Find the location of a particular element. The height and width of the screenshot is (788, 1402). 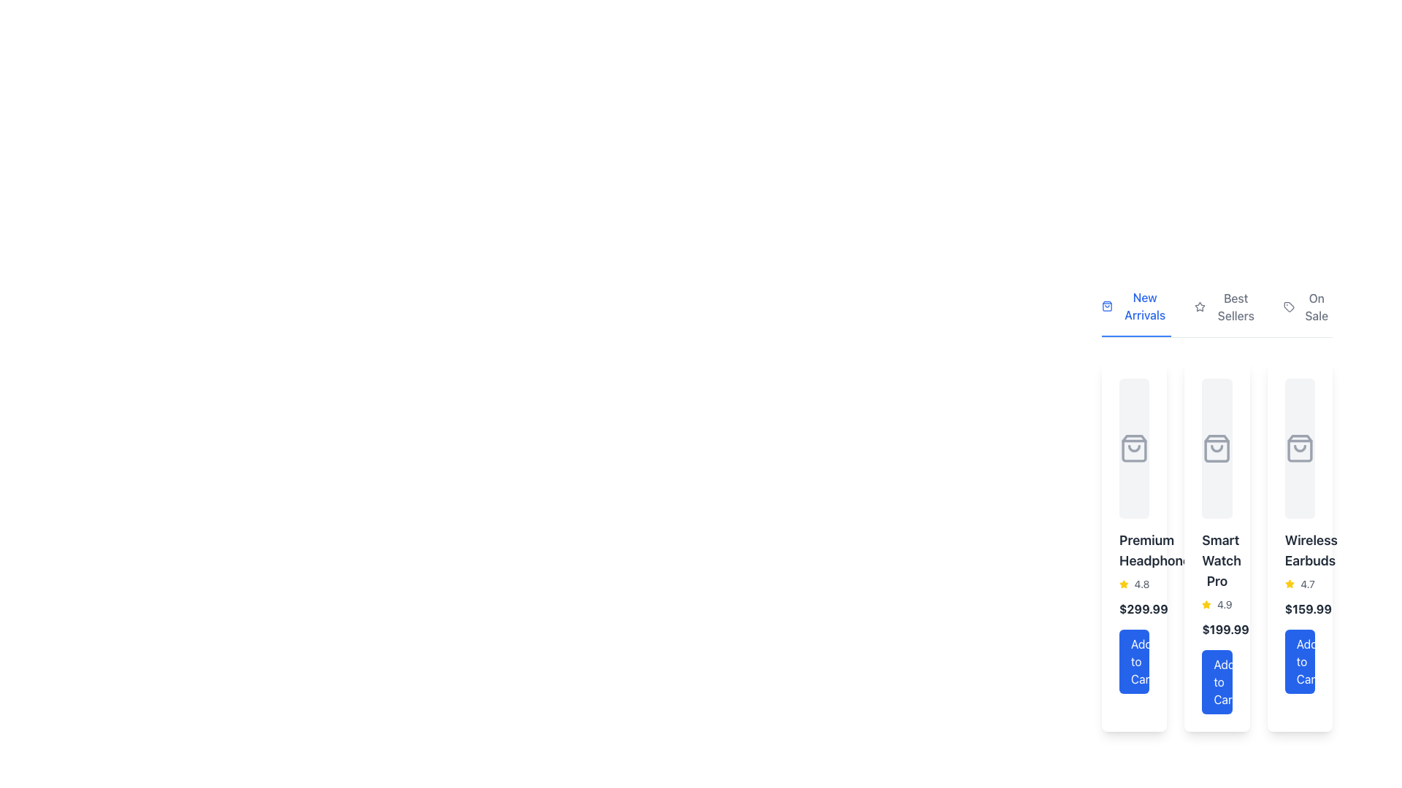

the 'Wireless Earbuds' product card is located at coordinates (1300, 546).